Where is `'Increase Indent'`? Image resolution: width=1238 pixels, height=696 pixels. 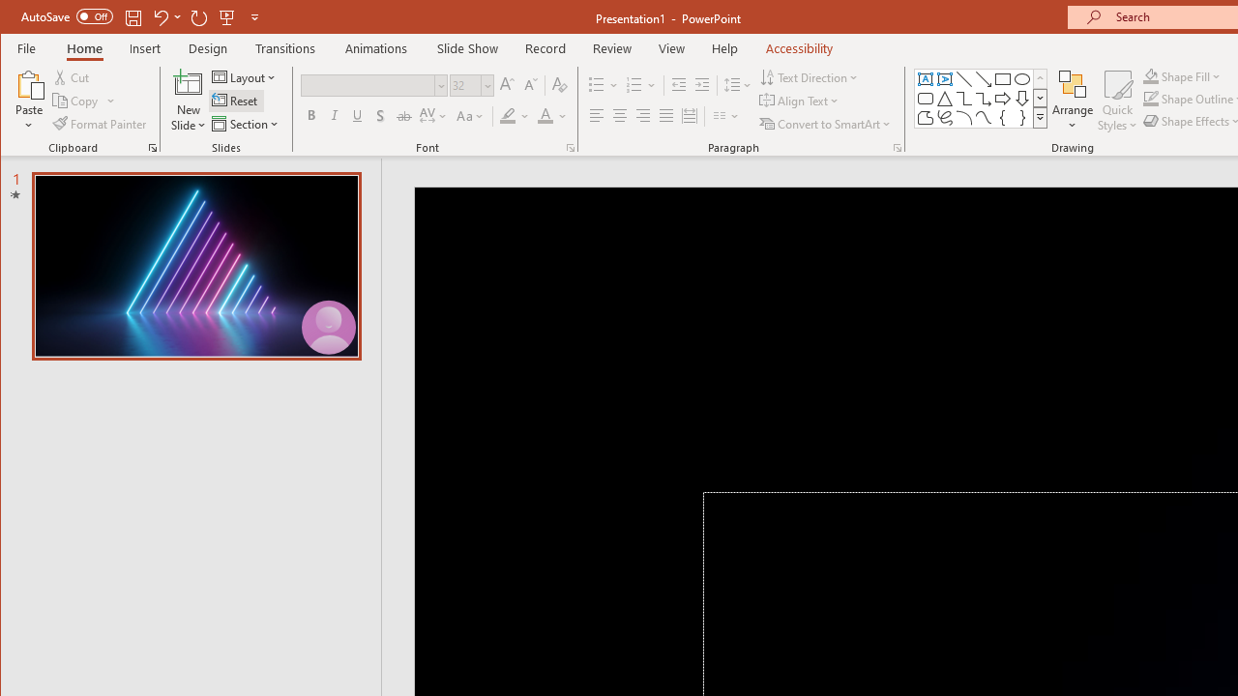 'Increase Indent' is located at coordinates (701, 84).